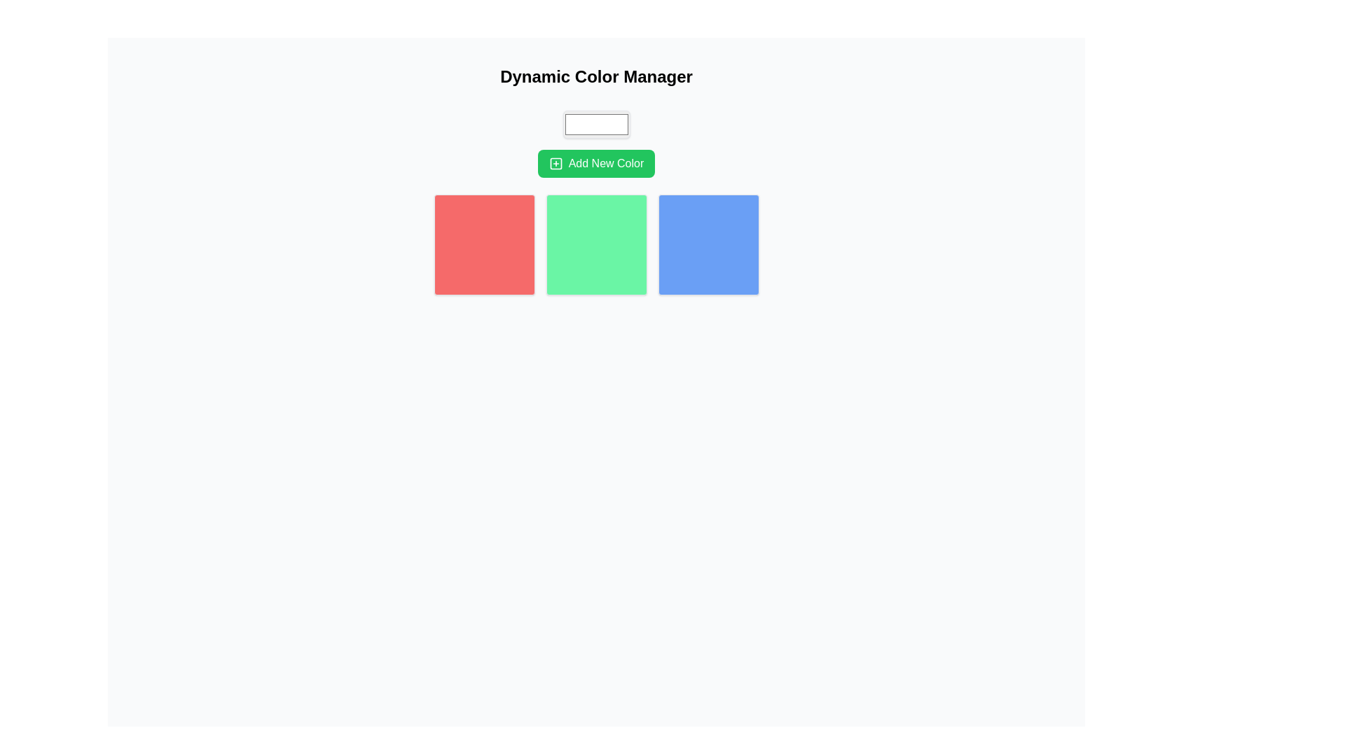 This screenshot has height=756, width=1345. Describe the element at coordinates (596, 123) in the screenshot. I see `the color input box located below the 'Dynamic Color Manager' title` at that location.